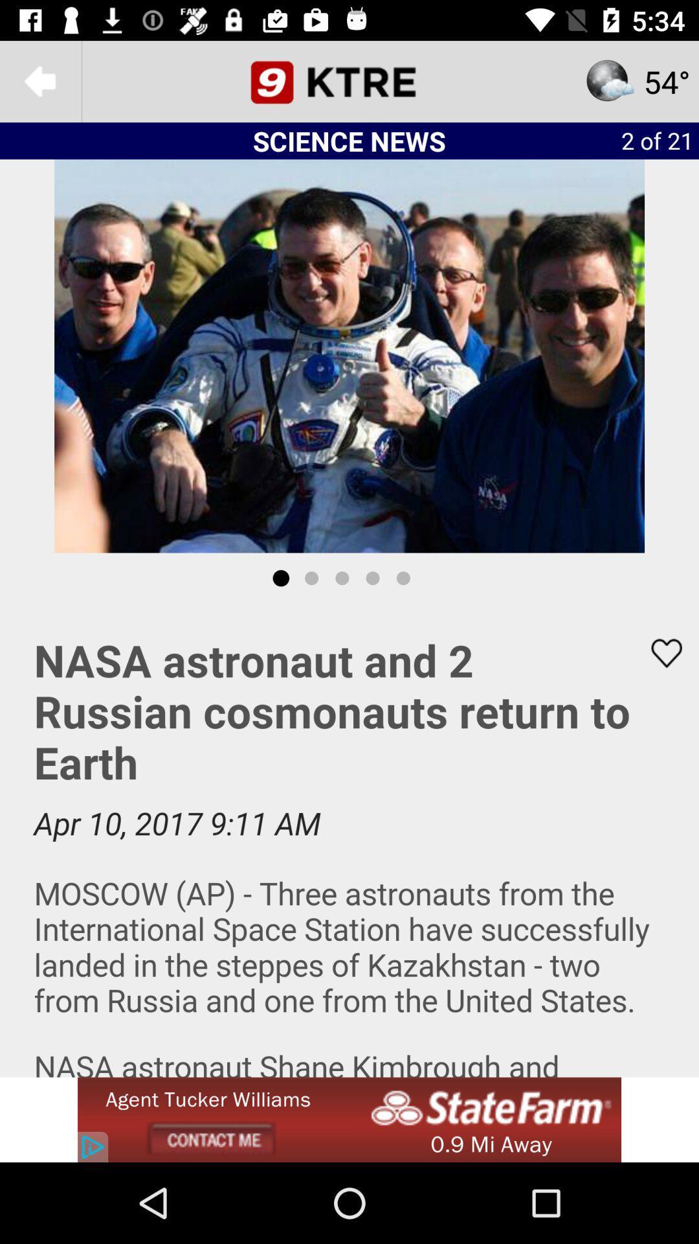 Image resolution: width=699 pixels, height=1244 pixels. I want to click on the date_range icon, so click(349, 80).